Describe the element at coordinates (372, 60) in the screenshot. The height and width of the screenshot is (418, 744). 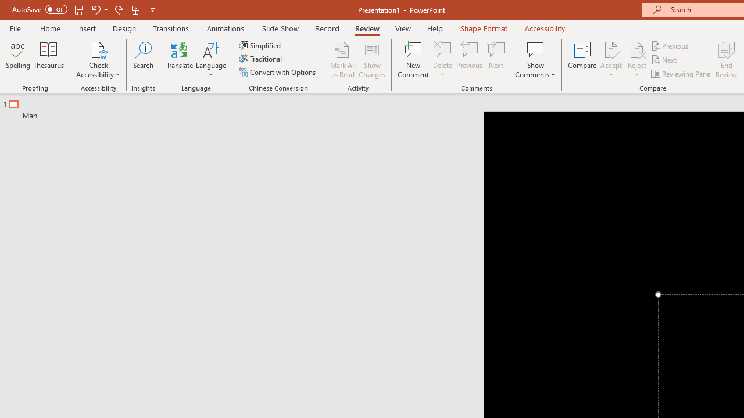
I see `'Show Changes'` at that location.